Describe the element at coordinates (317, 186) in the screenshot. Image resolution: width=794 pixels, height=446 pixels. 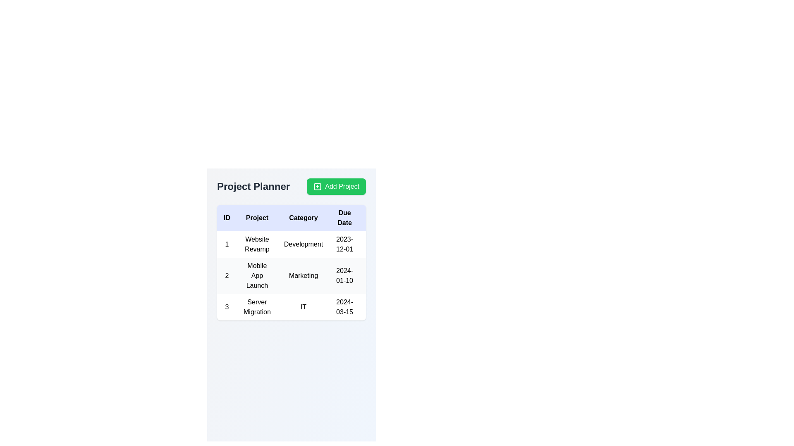
I see `the small rounded square shape within the SVG icon located to the left of the 'Add Project' text in the green button at the top-right corner of the interface` at that location.